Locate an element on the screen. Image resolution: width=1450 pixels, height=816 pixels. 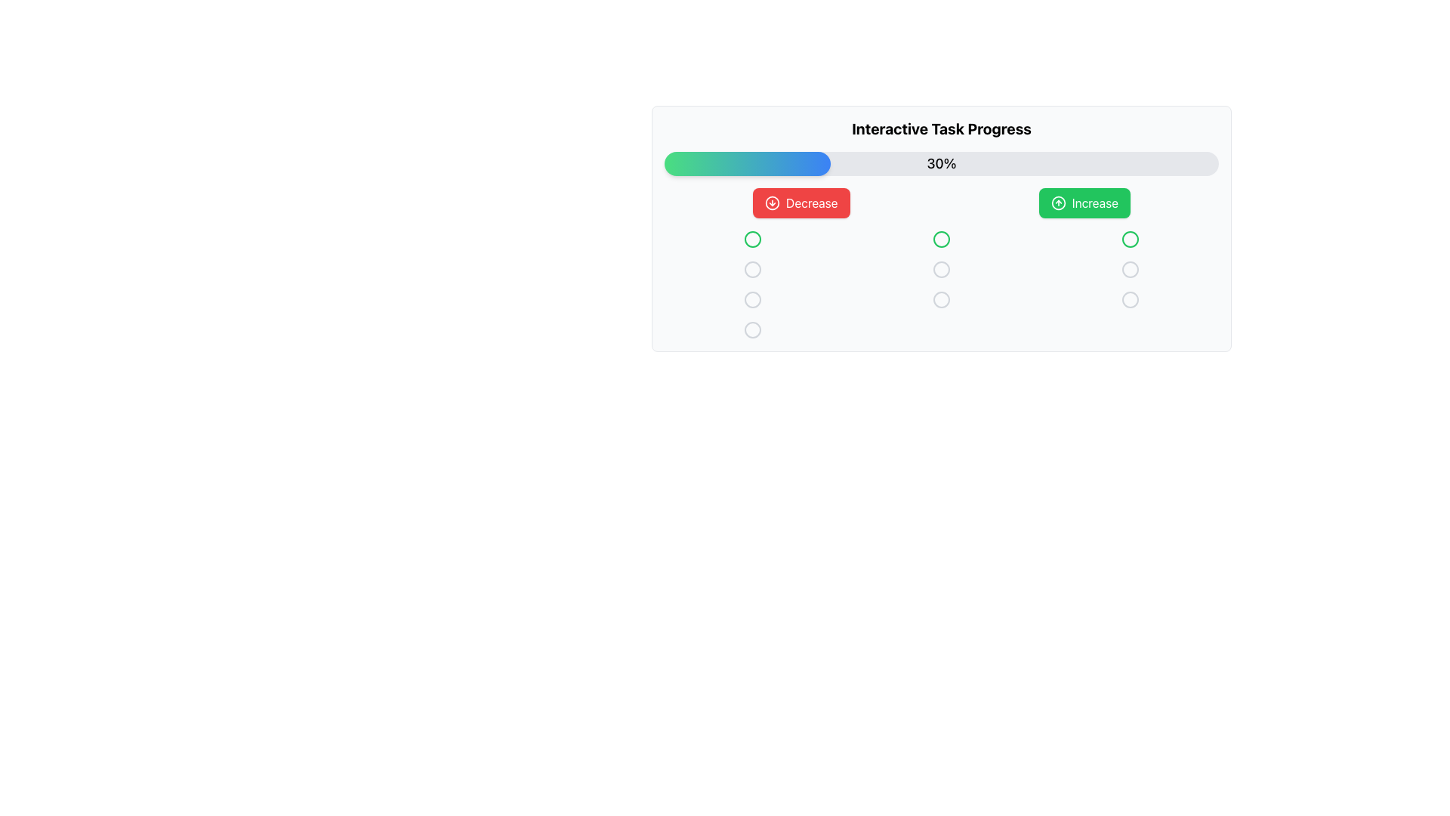
the circular SVG element located in the bottom right quadrant of the interface is located at coordinates (1131, 238).